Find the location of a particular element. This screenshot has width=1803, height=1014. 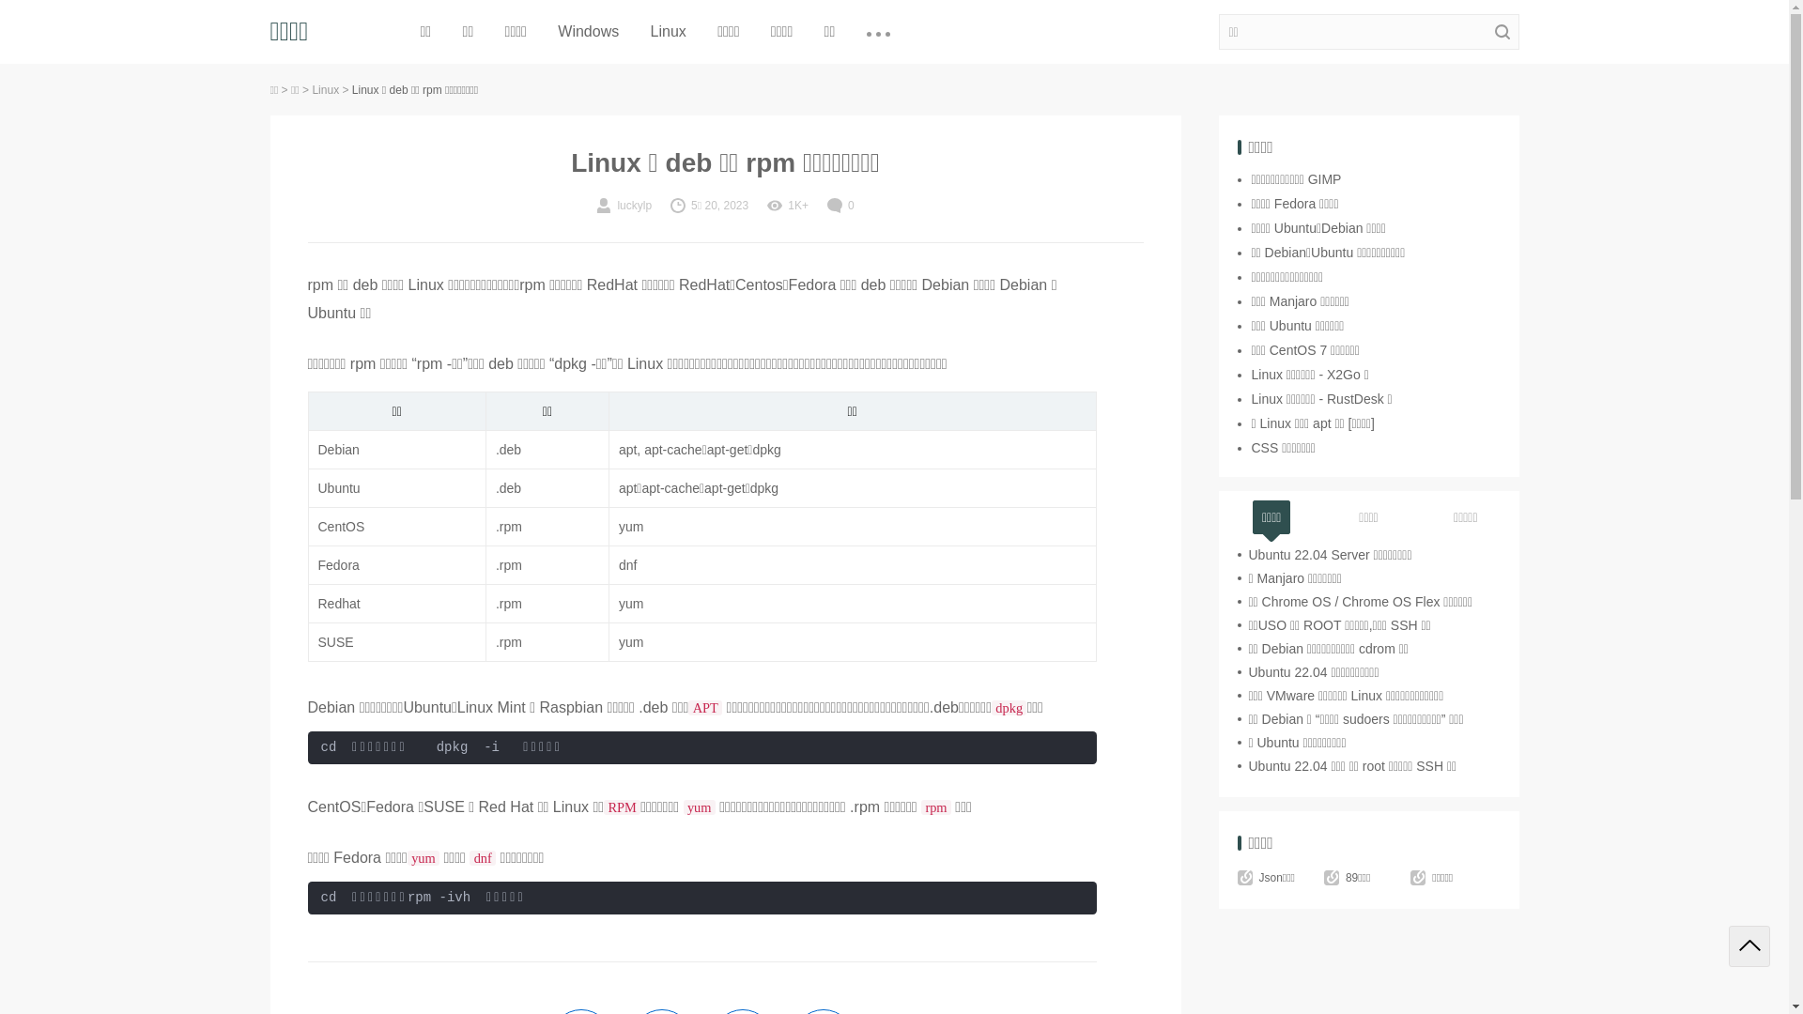

'Windows' is located at coordinates (587, 32).